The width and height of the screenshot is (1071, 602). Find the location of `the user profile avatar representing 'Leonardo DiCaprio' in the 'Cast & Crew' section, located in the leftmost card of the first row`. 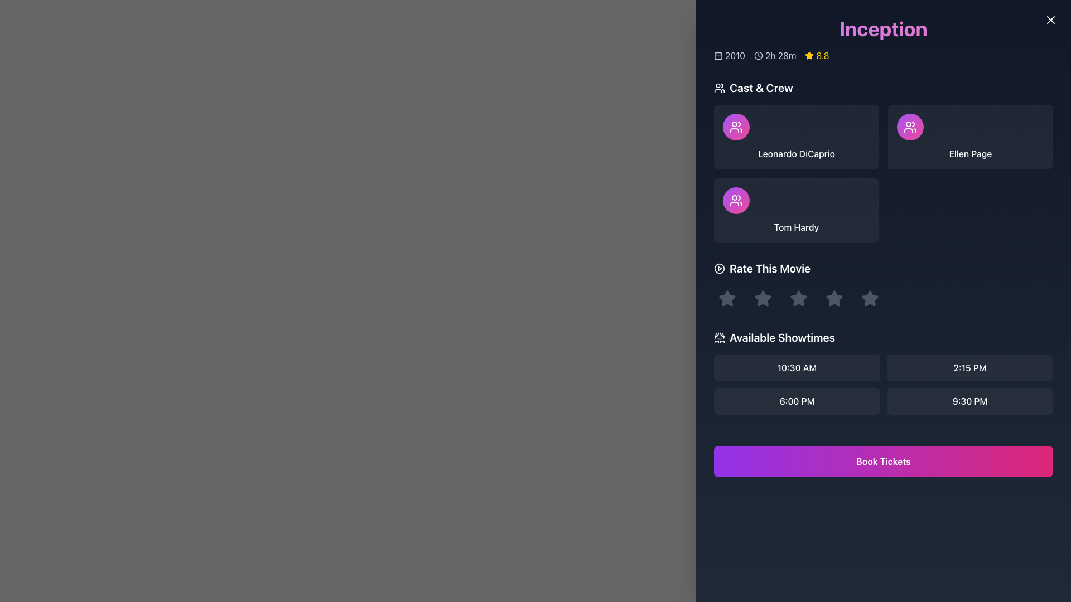

the user profile avatar representing 'Leonardo DiCaprio' in the 'Cast & Crew' section, located in the leftmost card of the first row is located at coordinates (736, 126).